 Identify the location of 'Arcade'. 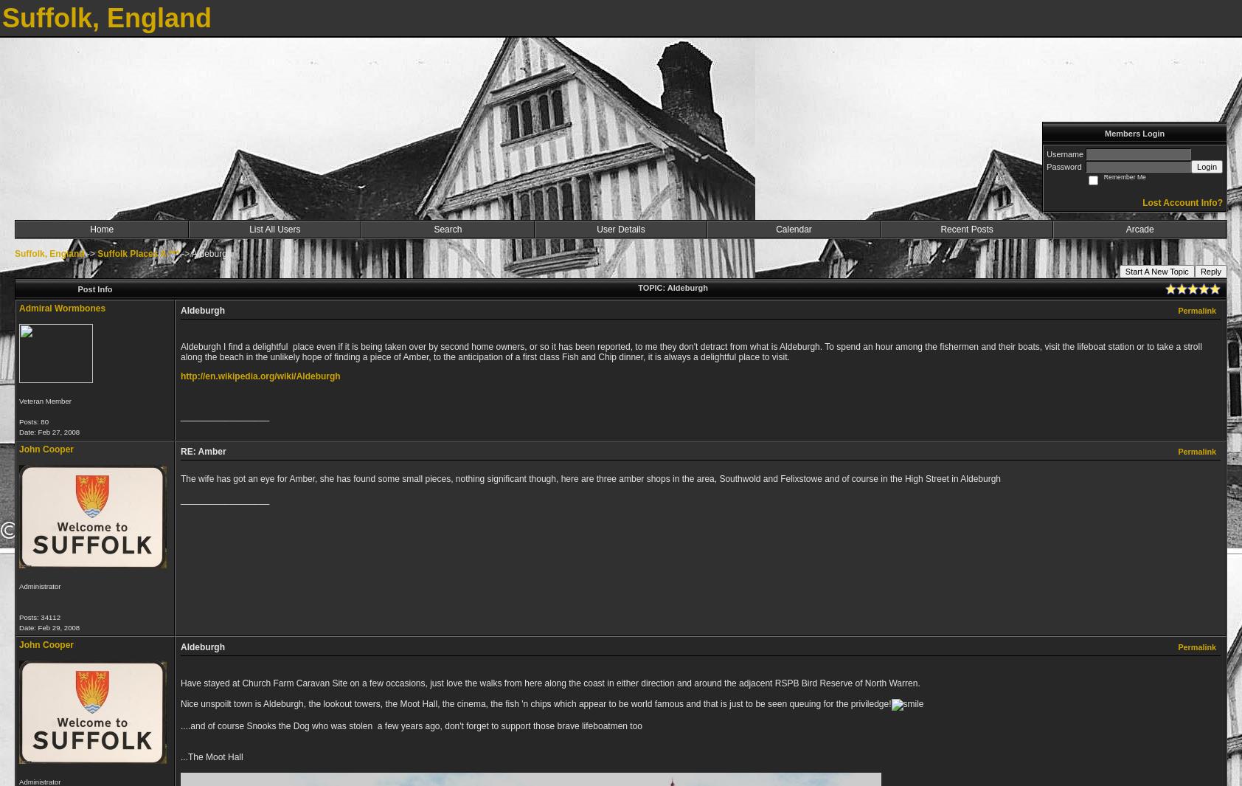
(1125, 228).